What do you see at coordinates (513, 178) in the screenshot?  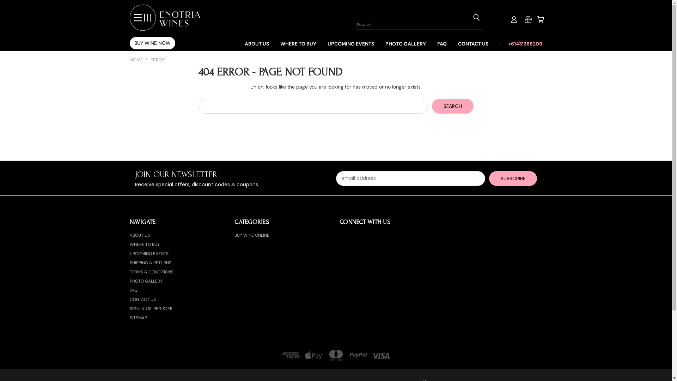 I see `'Subscribe'` at bounding box center [513, 178].